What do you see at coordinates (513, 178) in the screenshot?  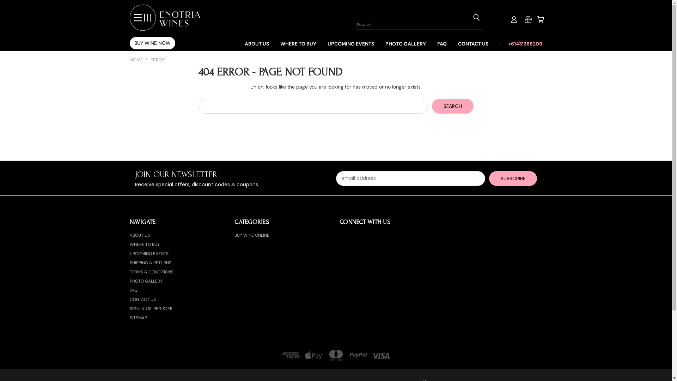 I see `'Subscribe'` at bounding box center [513, 178].